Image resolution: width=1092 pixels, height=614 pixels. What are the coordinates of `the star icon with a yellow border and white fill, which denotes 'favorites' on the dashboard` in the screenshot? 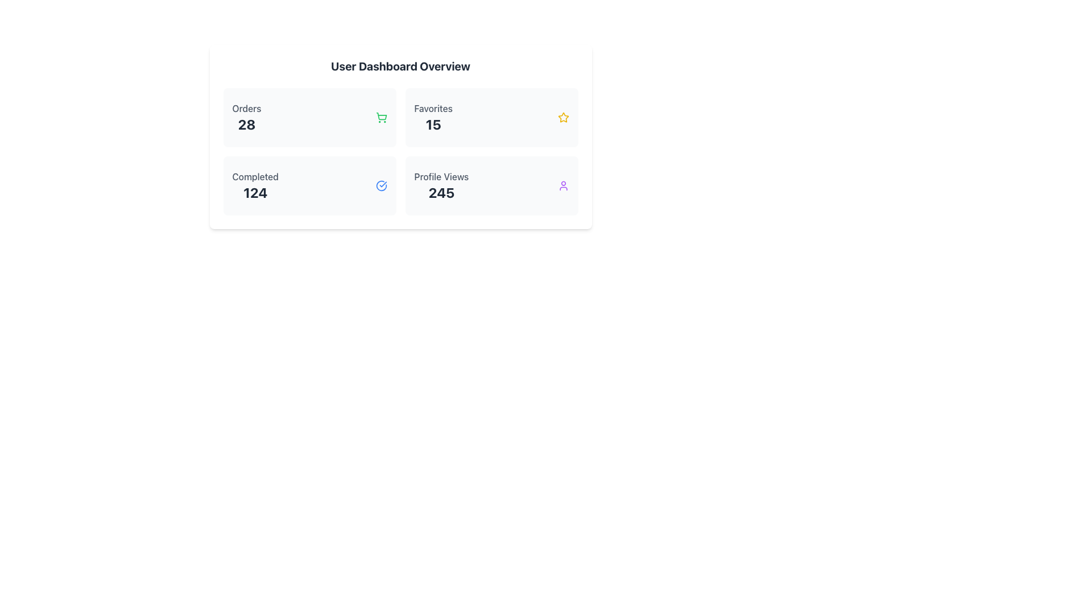 It's located at (563, 117).